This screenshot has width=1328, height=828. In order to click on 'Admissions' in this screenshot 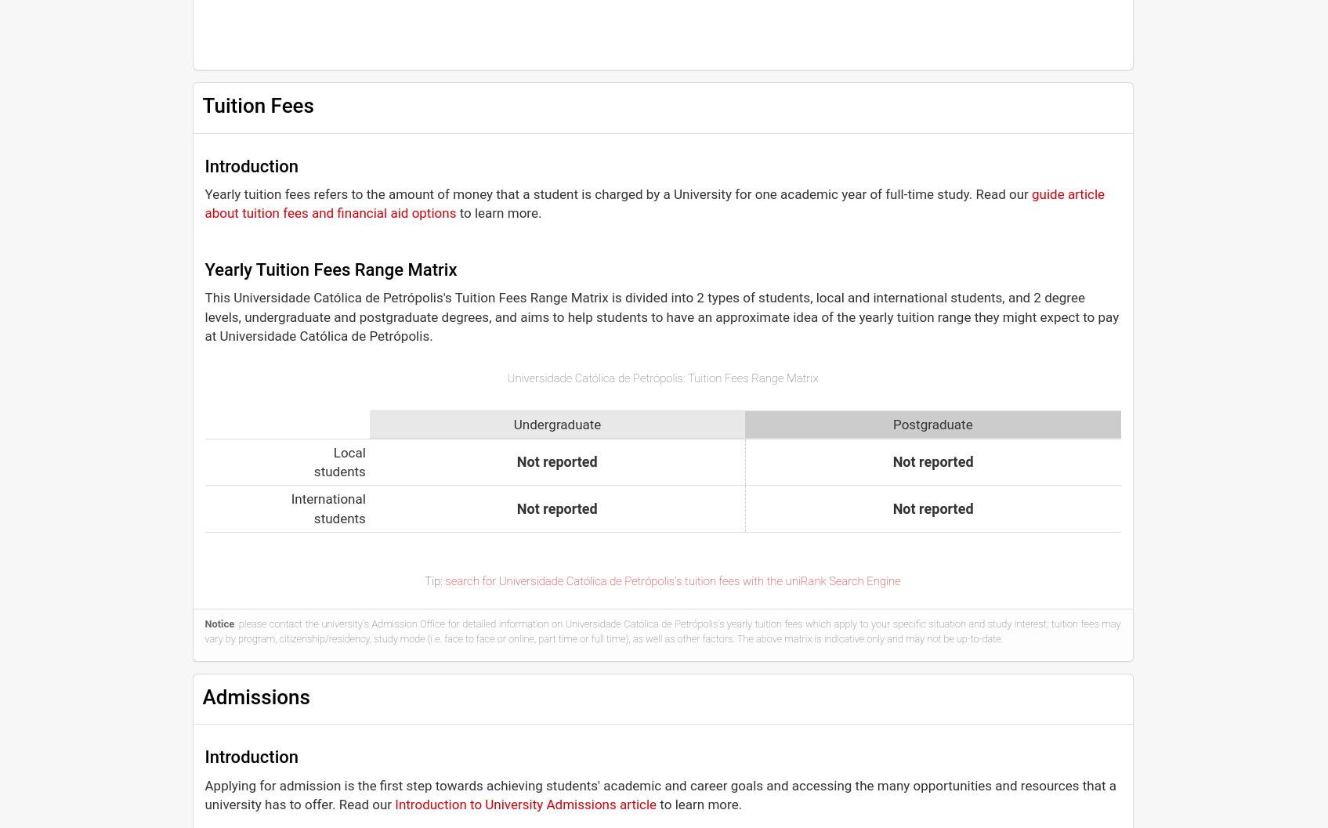, I will do `click(255, 696)`.